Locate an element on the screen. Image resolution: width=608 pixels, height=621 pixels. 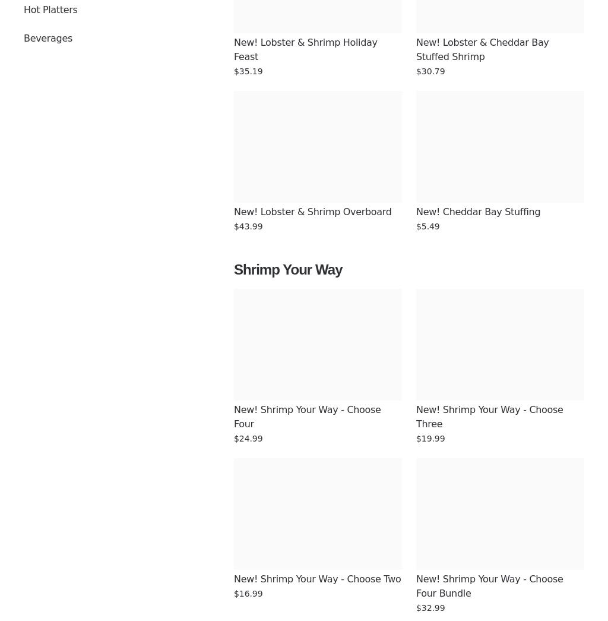
'$19.99' is located at coordinates (430, 437).